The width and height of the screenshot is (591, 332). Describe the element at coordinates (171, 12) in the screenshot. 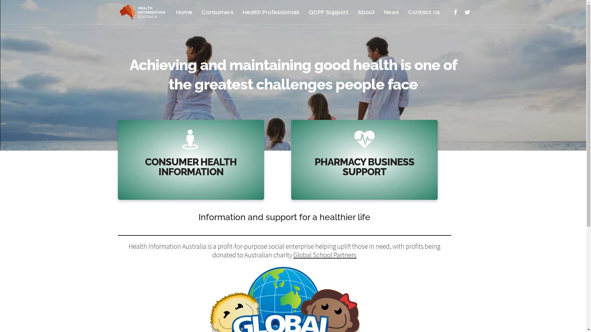

I see `'Home'` at that location.